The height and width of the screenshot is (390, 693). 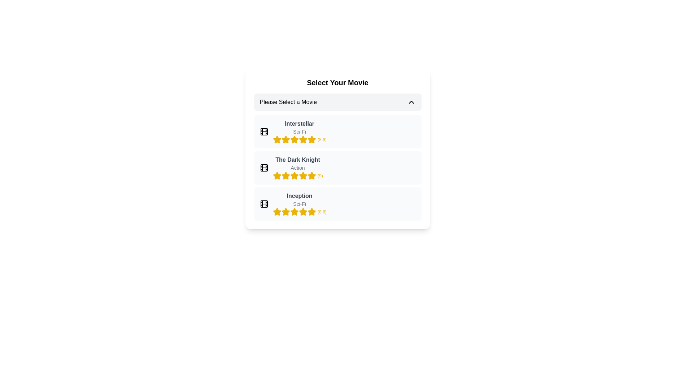 I want to click on the rectangular shape with rounded corners located at the top-left corner of the movie icon in the second row of a list of movies, so click(x=263, y=168).